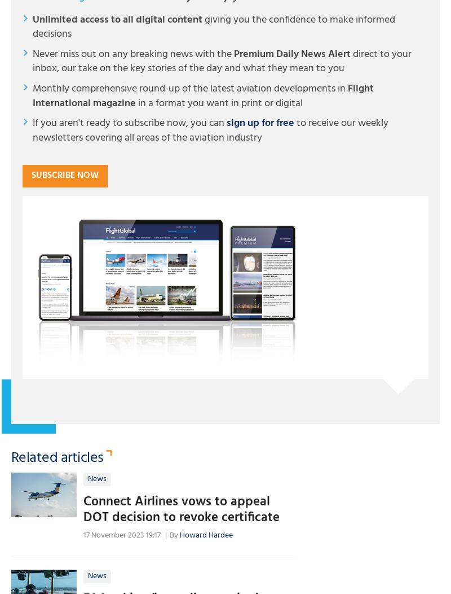 The image size is (451, 594). What do you see at coordinates (260, 123) in the screenshot?
I see `'sign up for free'` at bounding box center [260, 123].